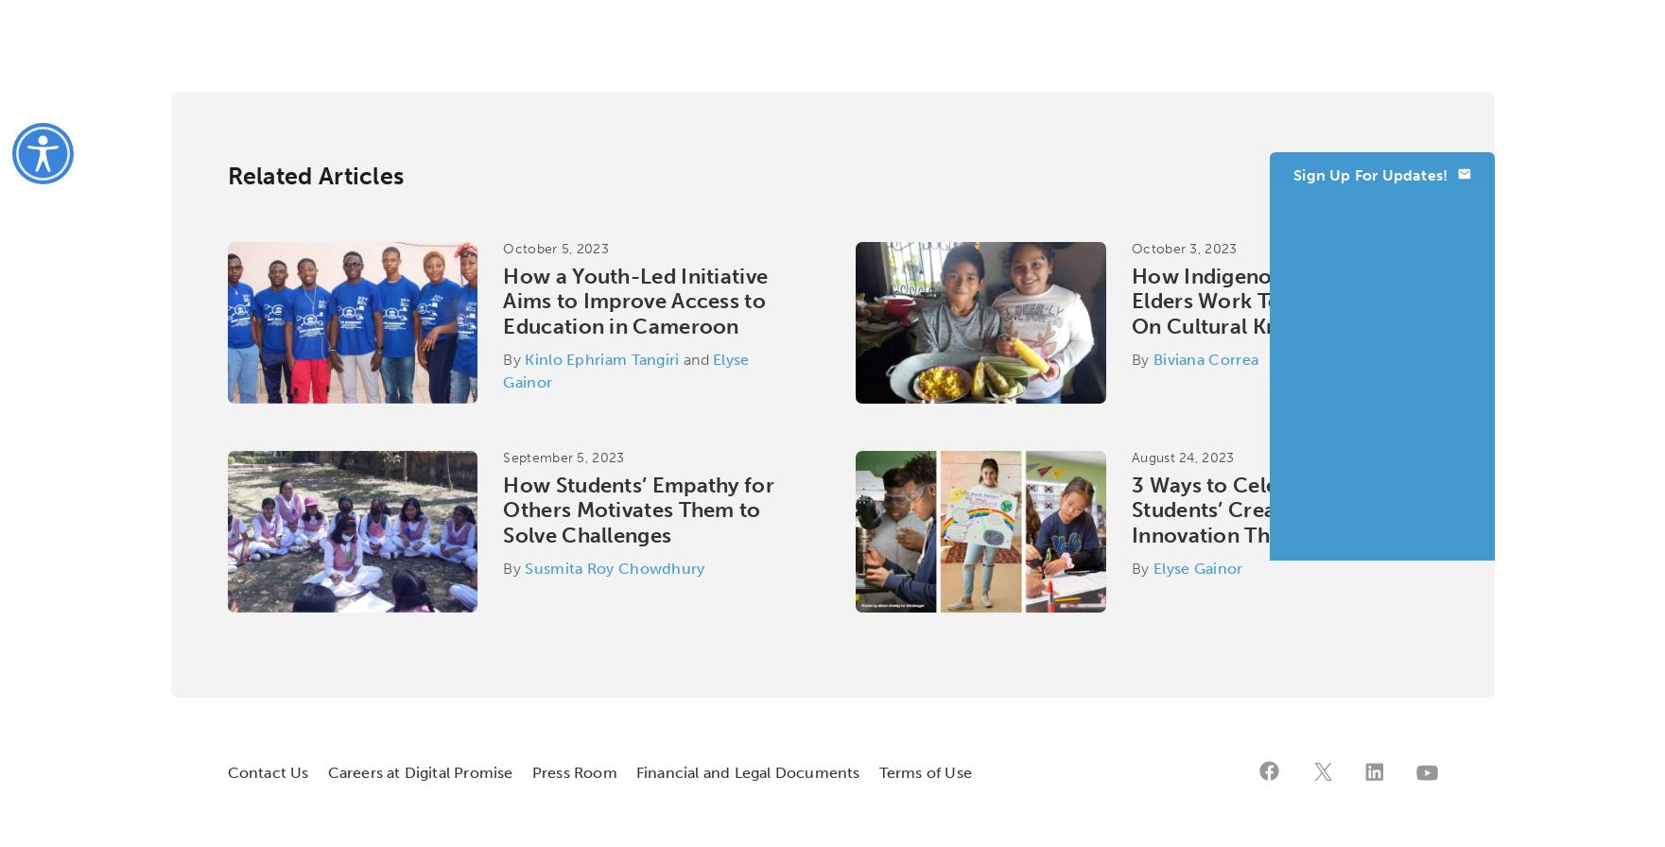  I want to click on 'How a Youth-Led Initiative Aims to Improve Access to Education in Cameroon', so click(501, 300).